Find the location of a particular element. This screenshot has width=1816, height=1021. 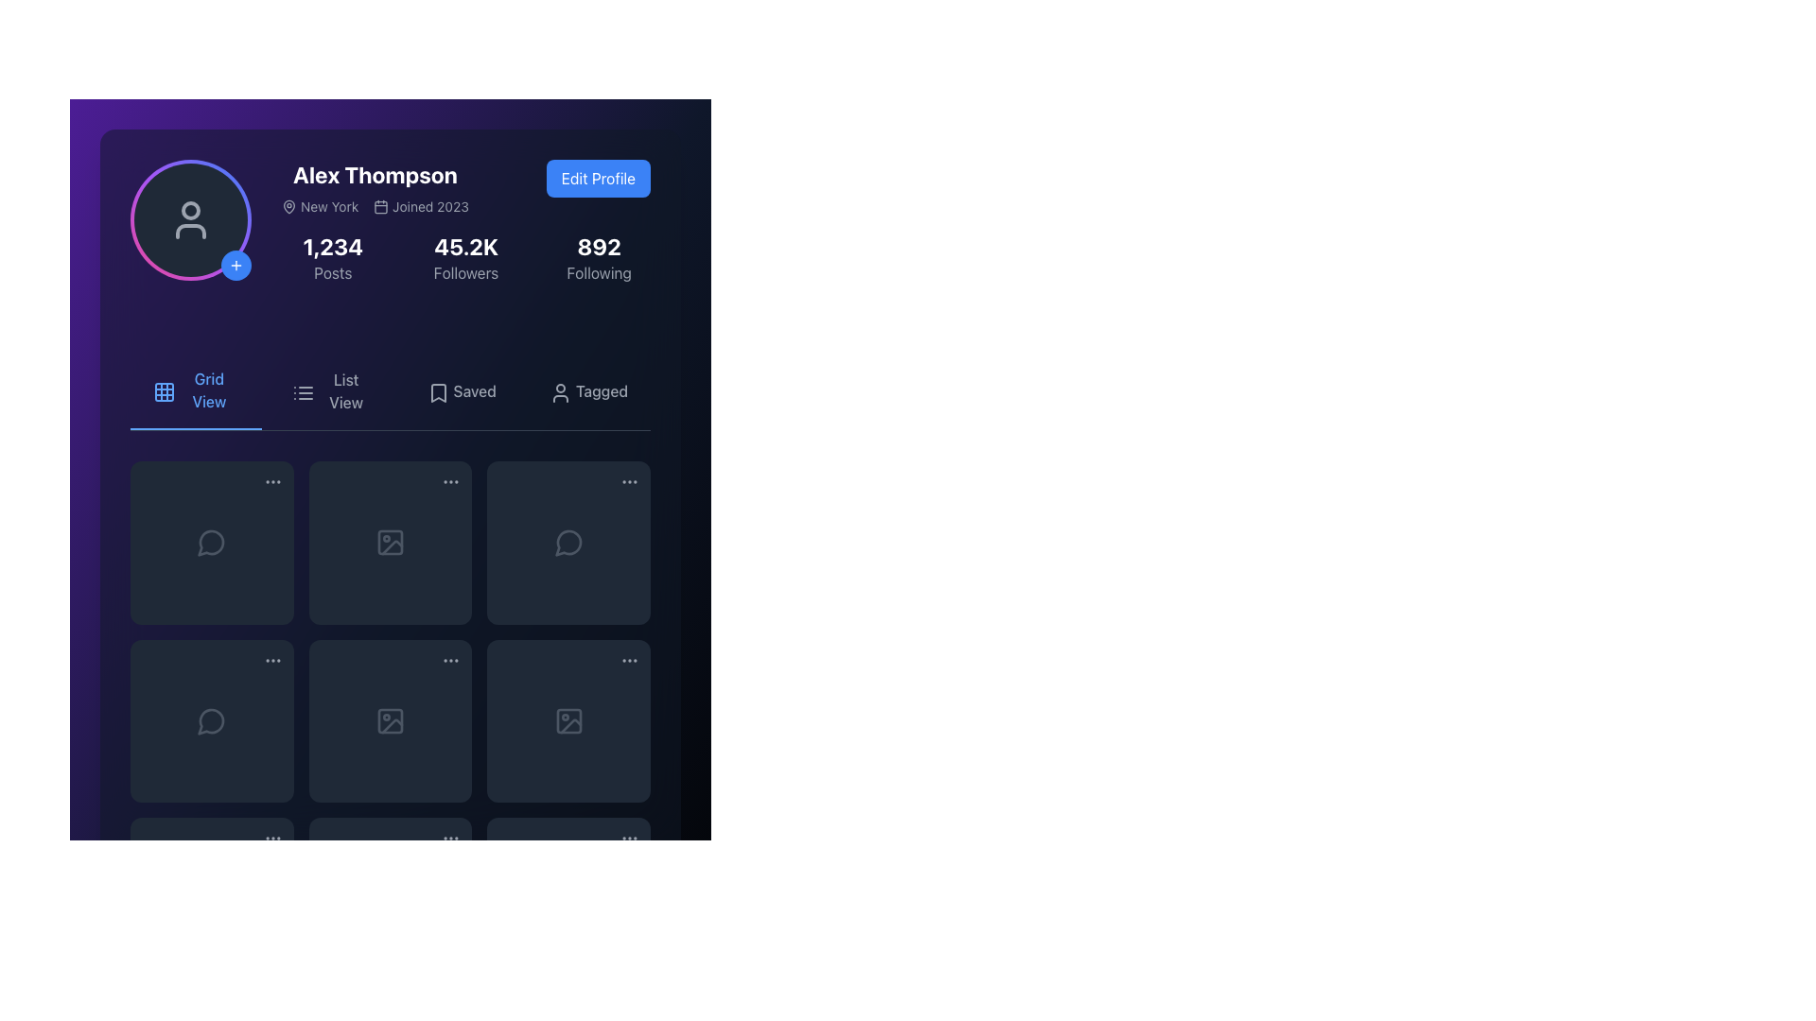

the ellipses menu trigger button located in the top-right corner of the second card in the third row of the grid layout is located at coordinates (271, 660).